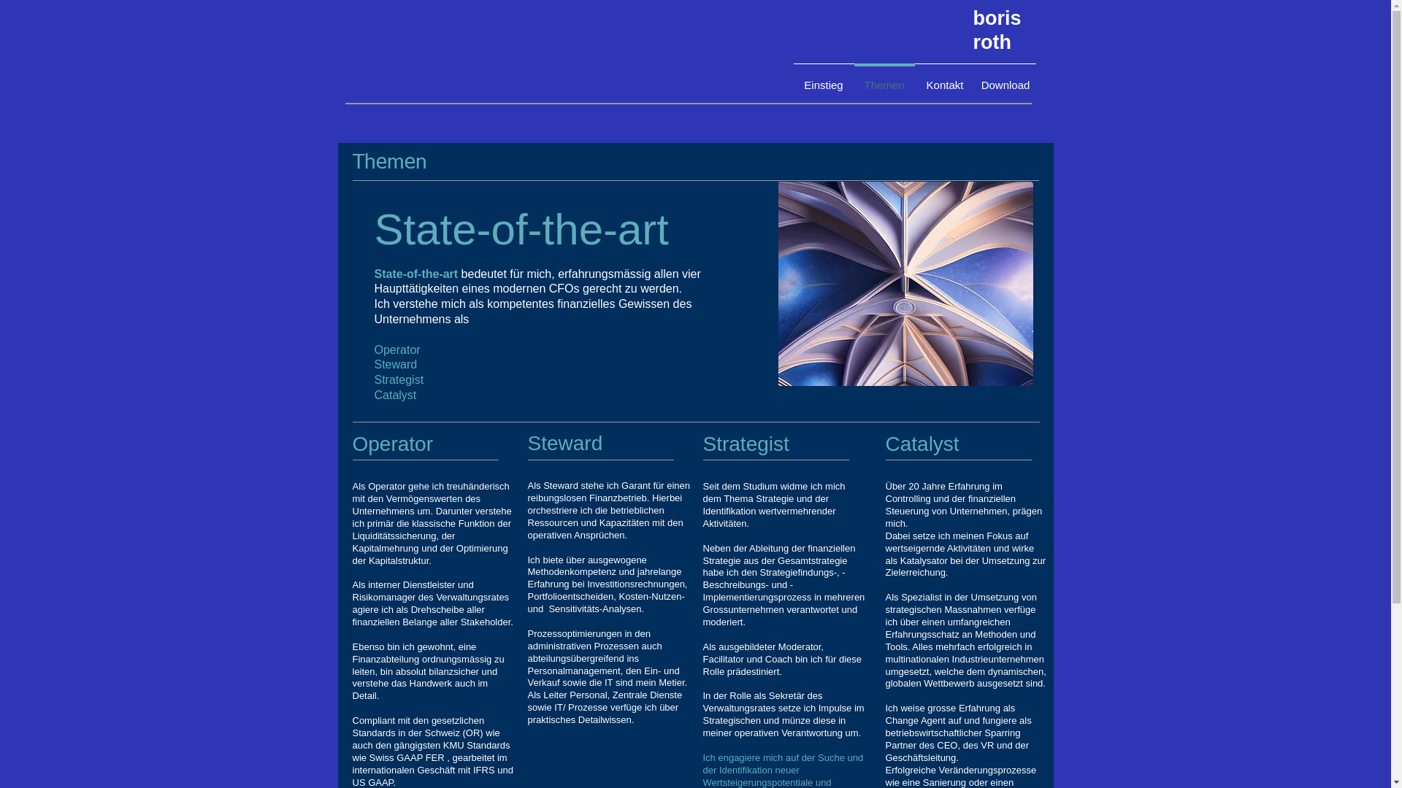  What do you see at coordinates (823, 79) in the screenshot?
I see `'Einstieg'` at bounding box center [823, 79].